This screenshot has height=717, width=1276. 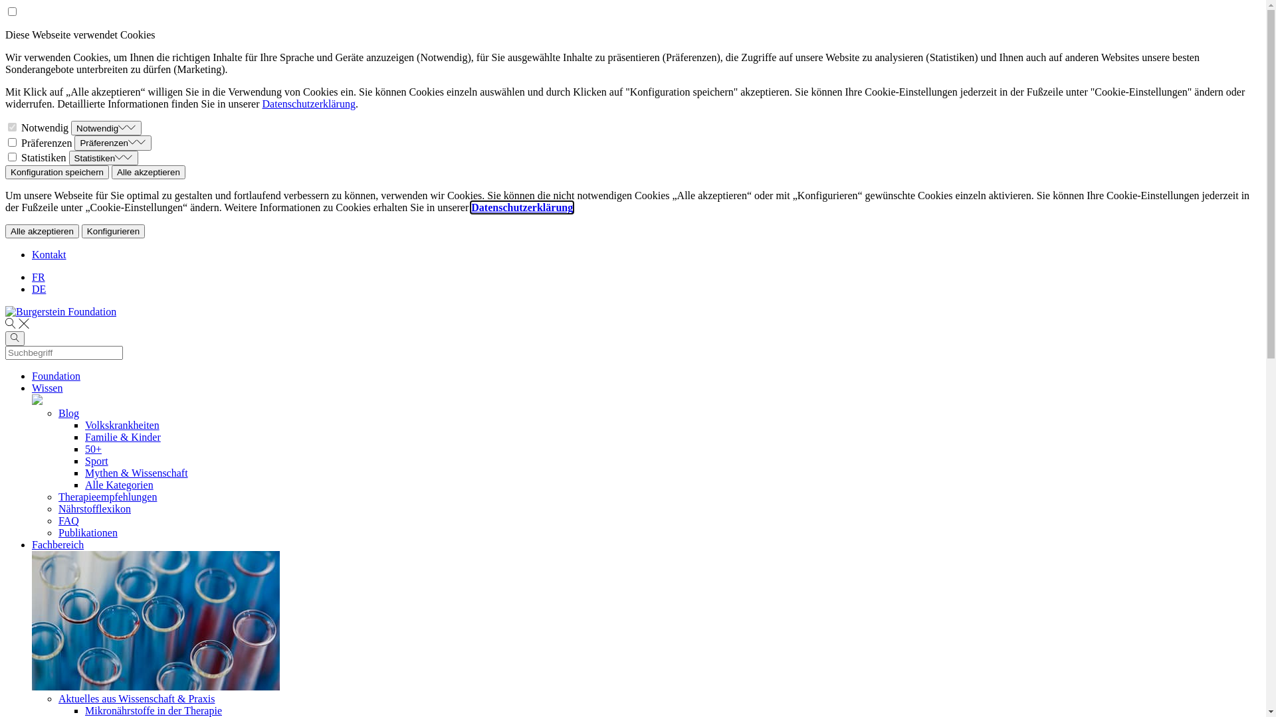 I want to click on 'DE', so click(x=32, y=288).